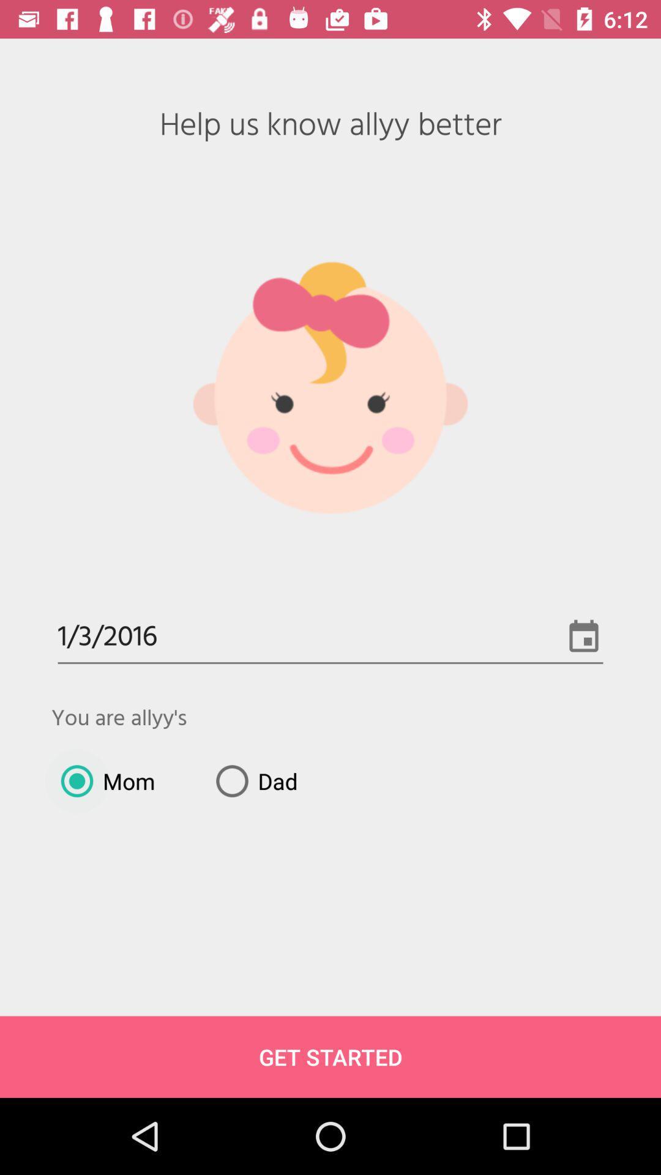  What do you see at coordinates (252, 780) in the screenshot?
I see `the icon next to mom item` at bounding box center [252, 780].